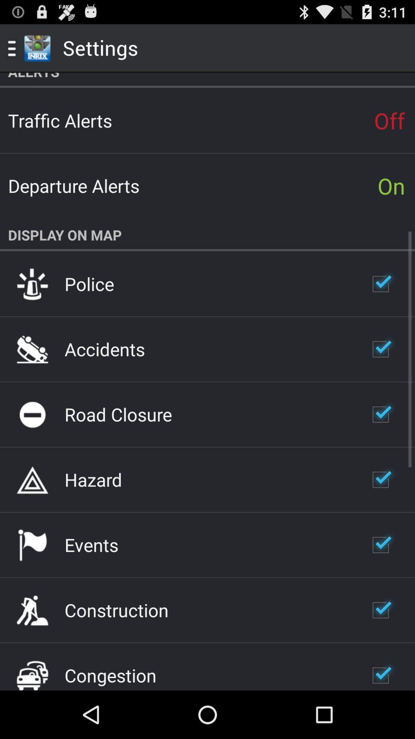 This screenshot has width=415, height=739. I want to click on app below the traffic alerts icon, so click(74, 186).